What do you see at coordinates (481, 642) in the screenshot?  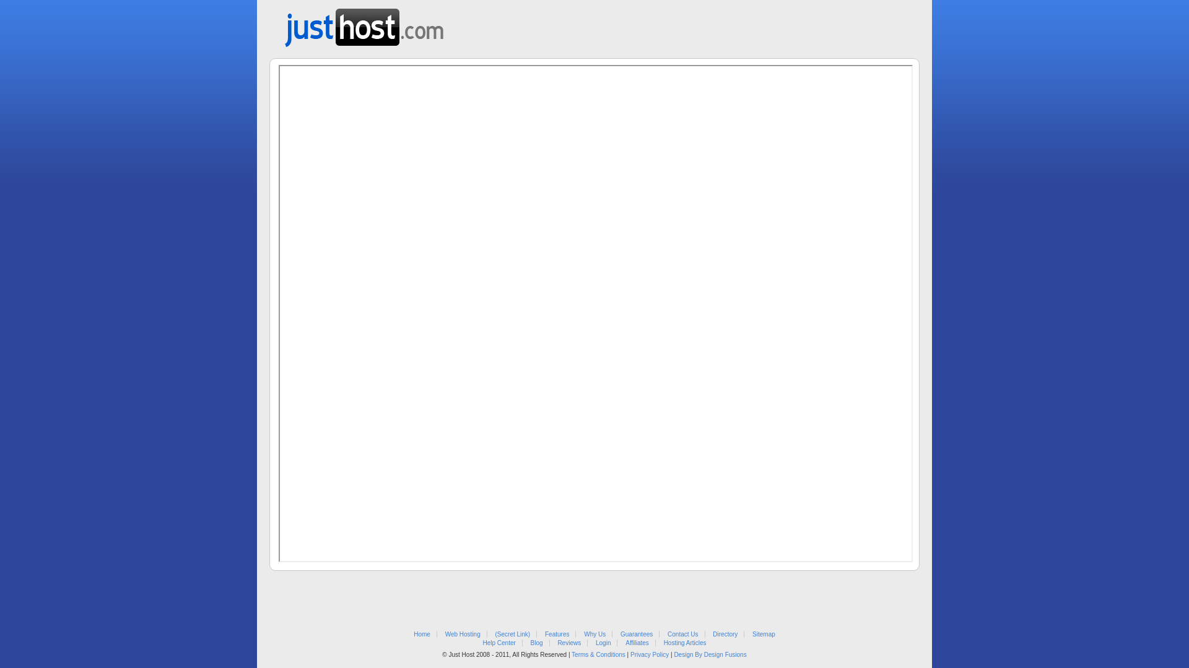 I see `'Help Center'` at bounding box center [481, 642].